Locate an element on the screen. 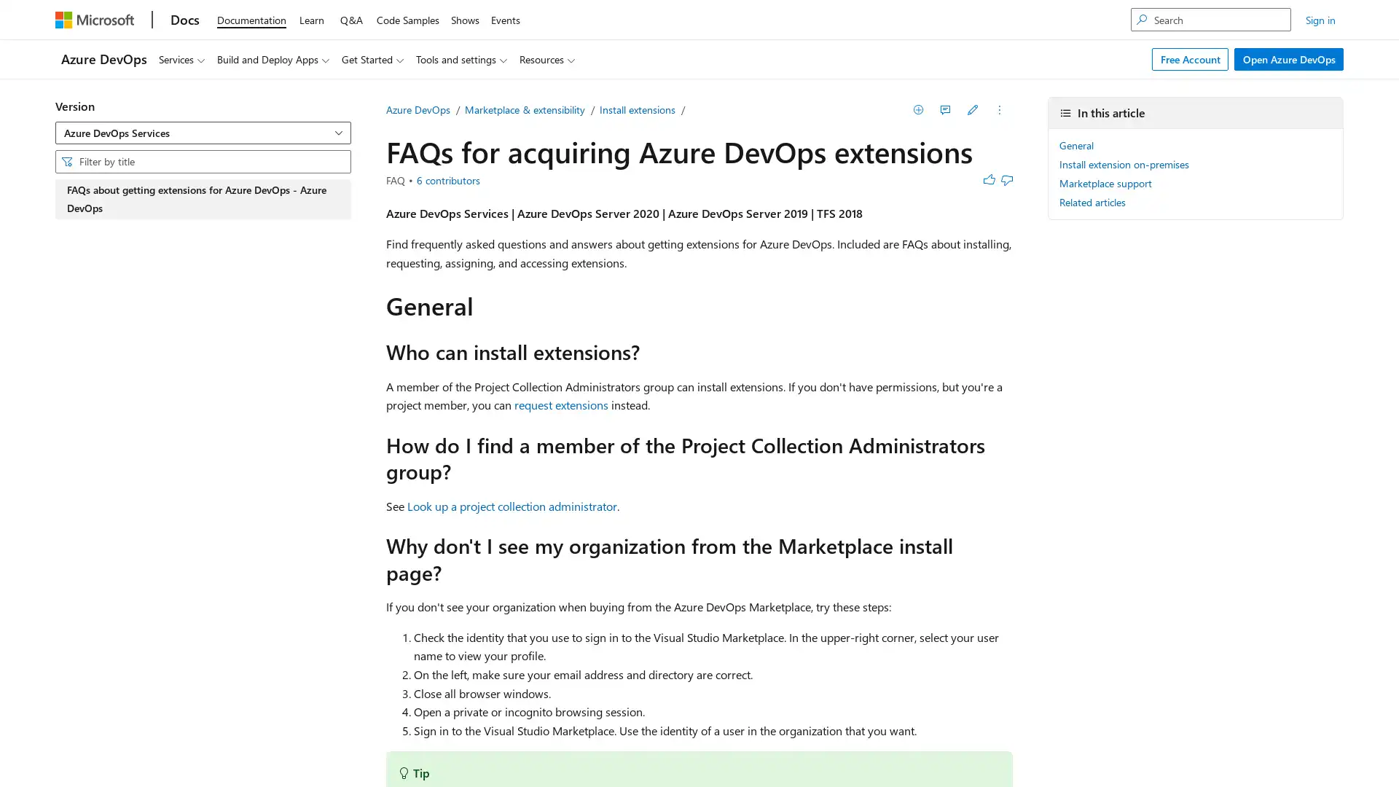 Image resolution: width=1399 pixels, height=787 pixels. Services is located at coordinates (181, 58).